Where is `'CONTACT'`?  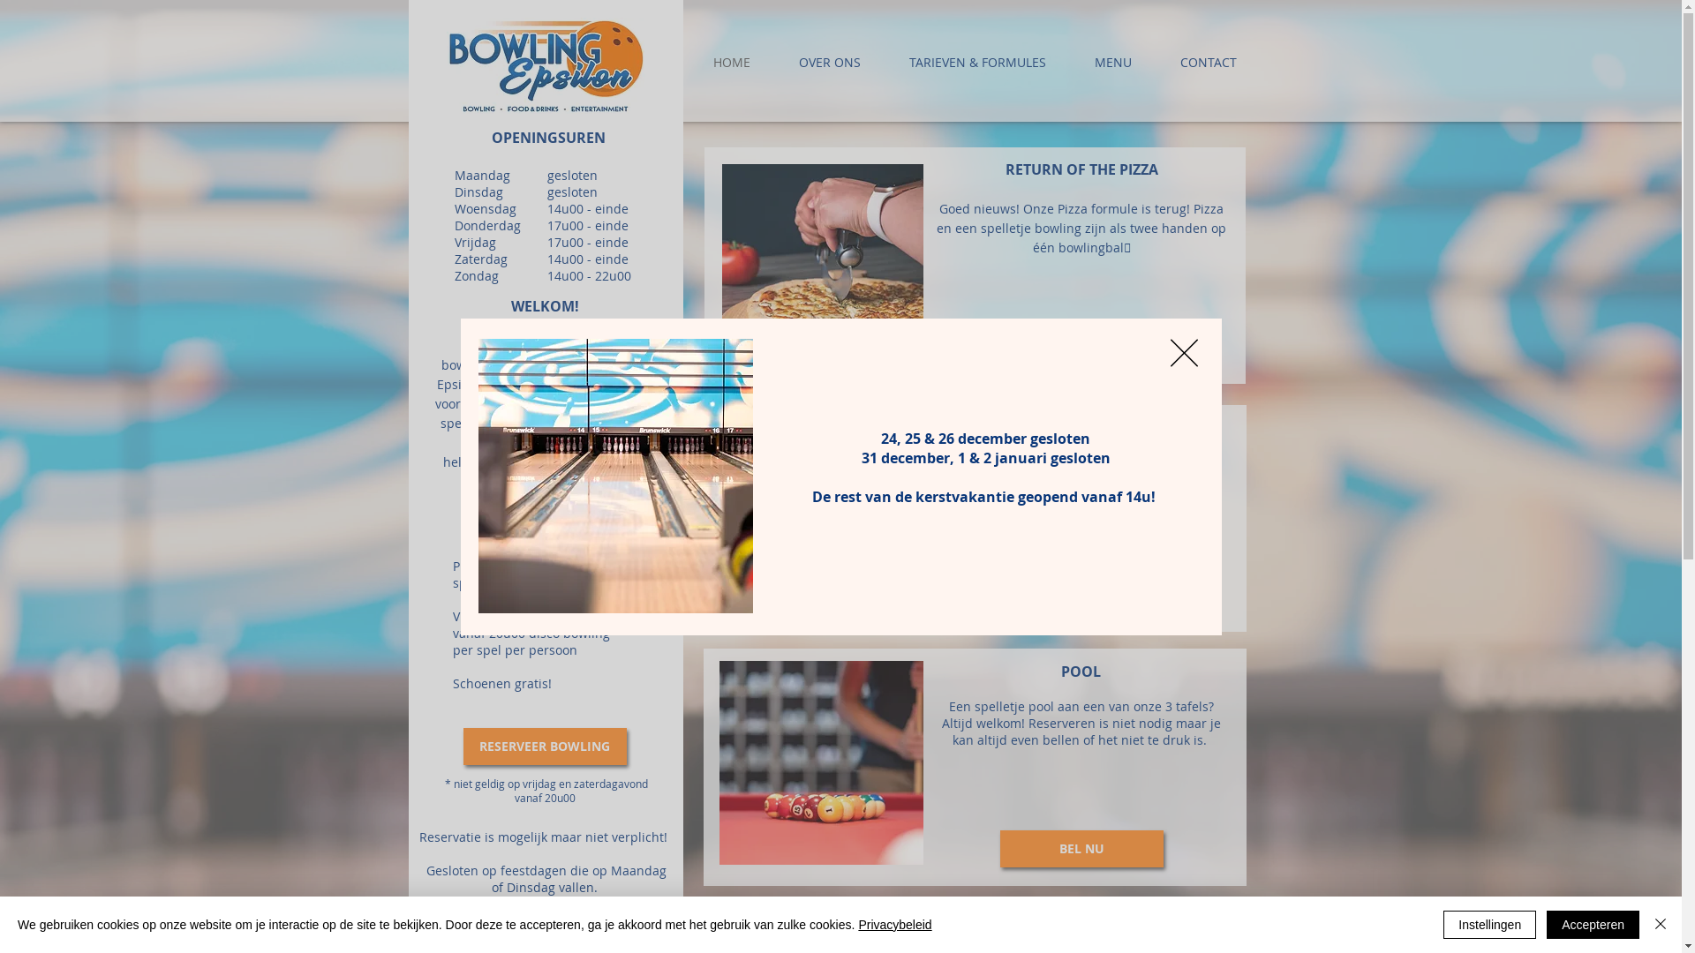 'CONTACT' is located at coordinates (1207, 61).